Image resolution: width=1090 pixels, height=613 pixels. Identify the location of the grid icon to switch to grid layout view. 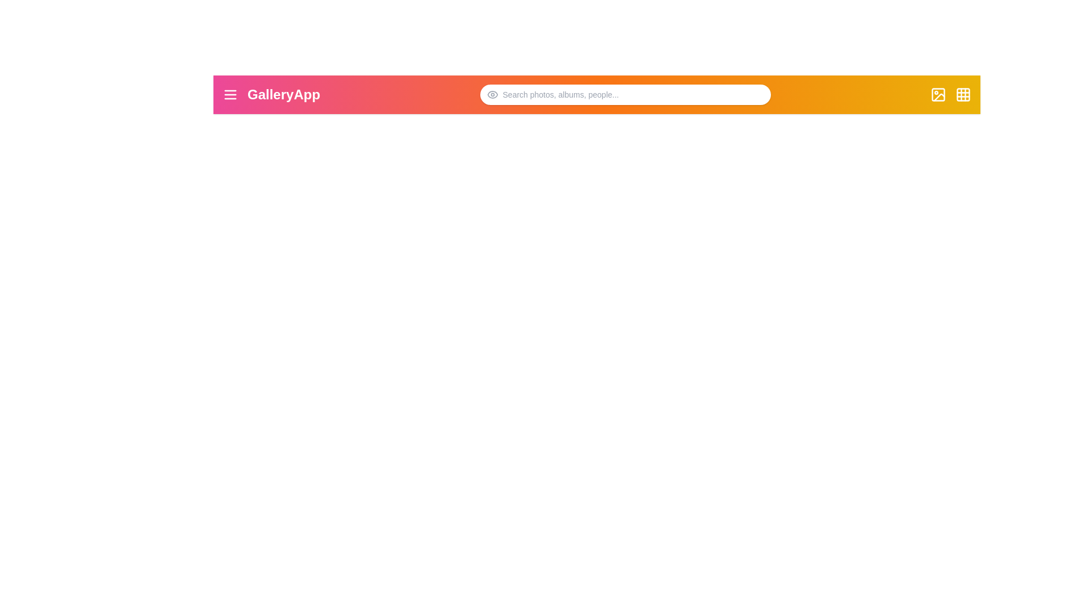
(962, 94).